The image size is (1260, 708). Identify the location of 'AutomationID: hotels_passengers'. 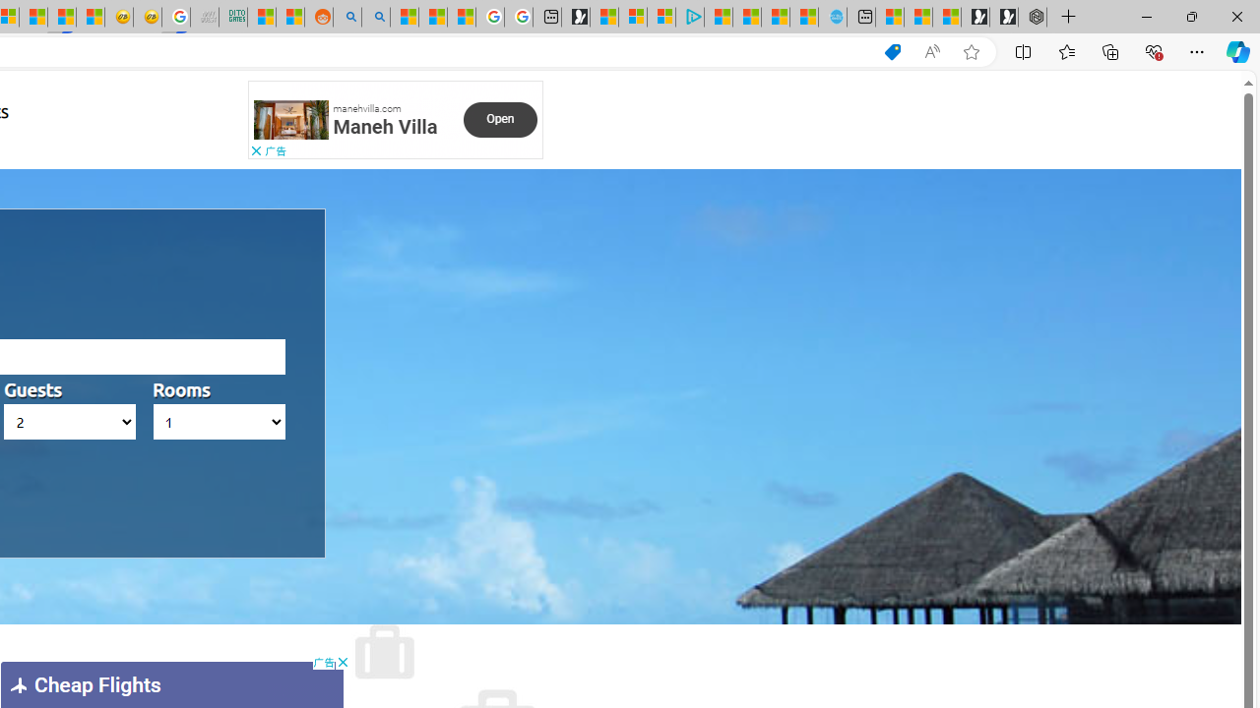
(70, 421).